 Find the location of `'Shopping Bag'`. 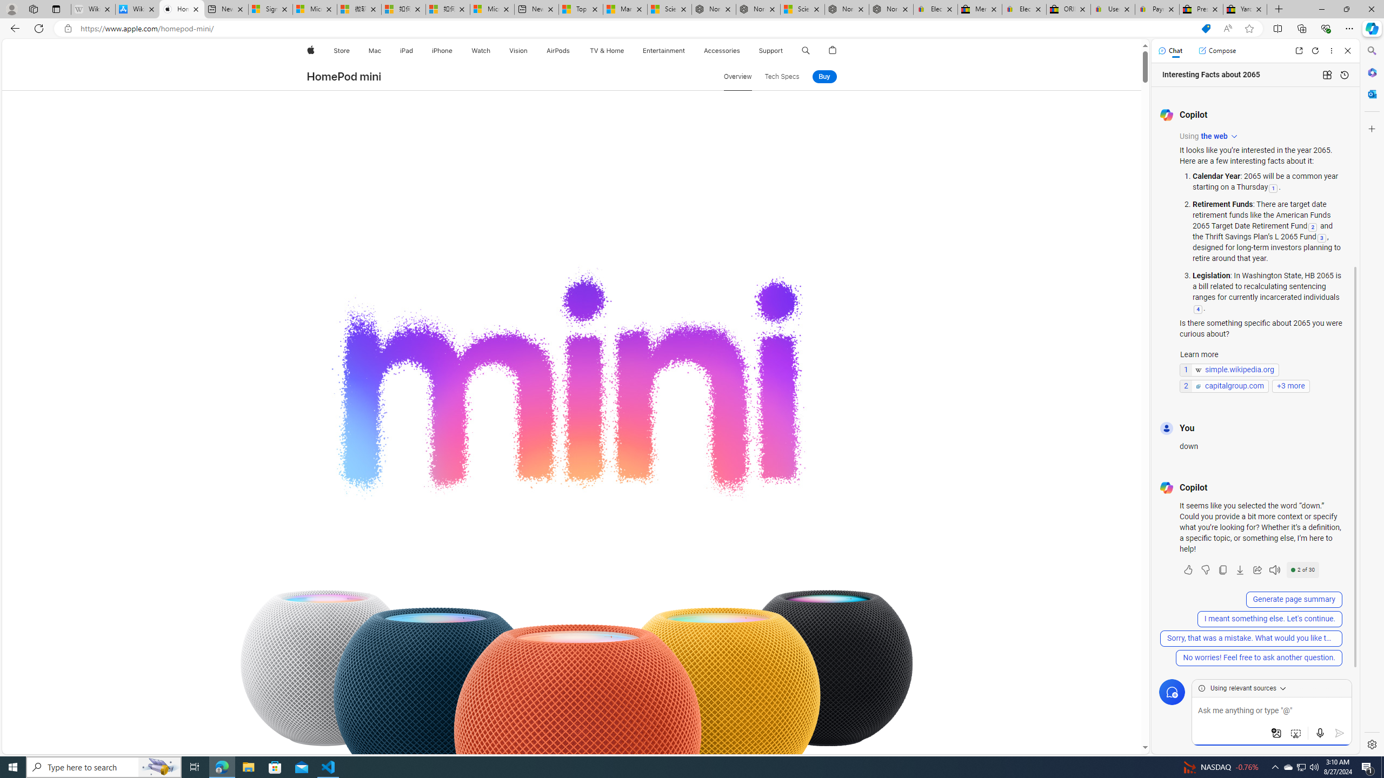

'Shopping Bag' is located at coordinates (833, 50).